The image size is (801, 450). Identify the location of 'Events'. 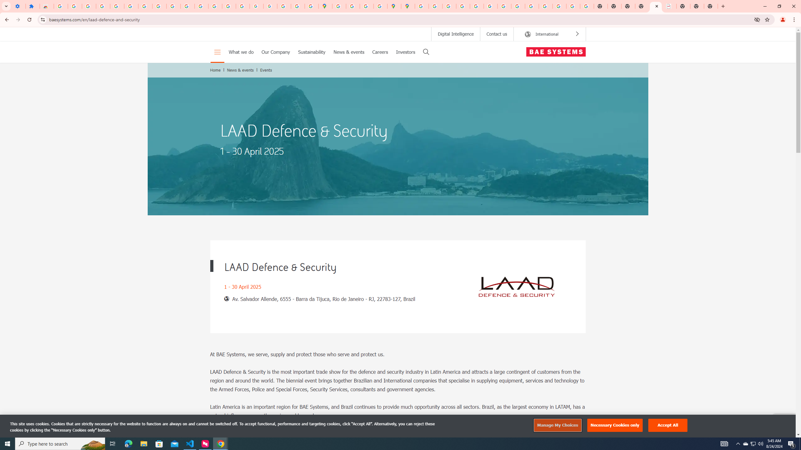
(266, 69).